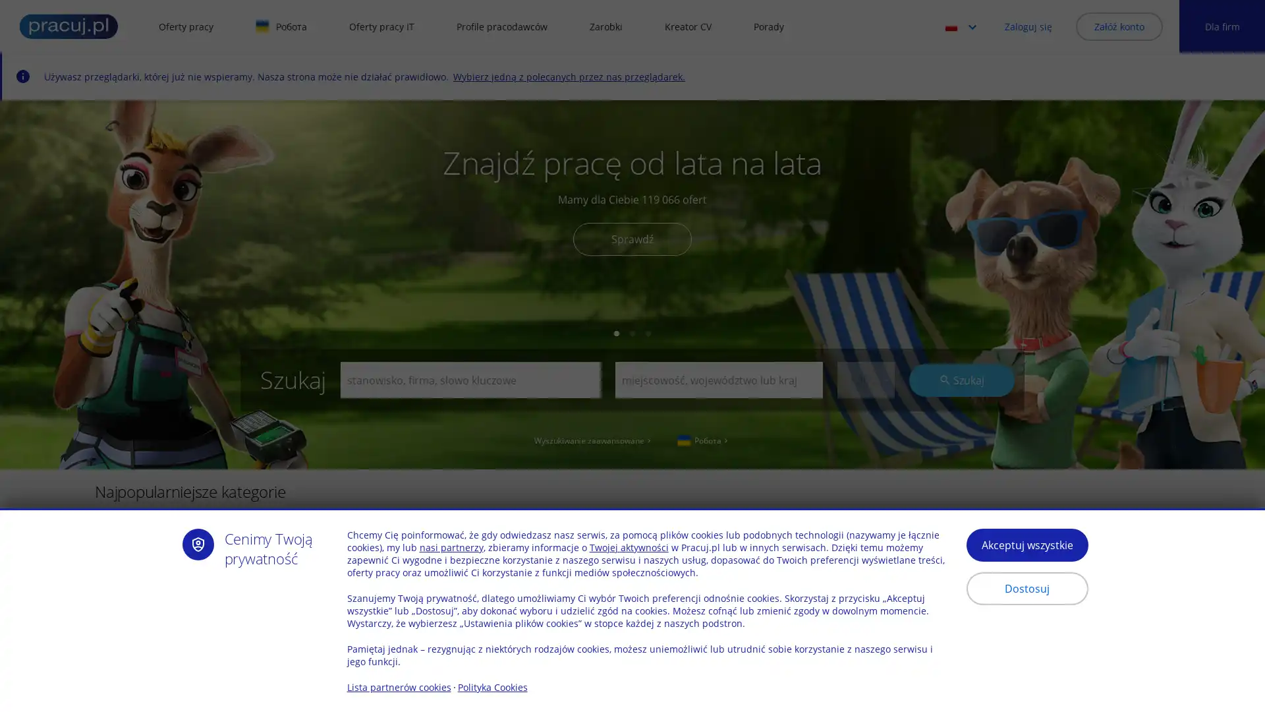 The height and width of the screenshot is (712, 1265). I want to click on Szukaj, so click(961, 379).